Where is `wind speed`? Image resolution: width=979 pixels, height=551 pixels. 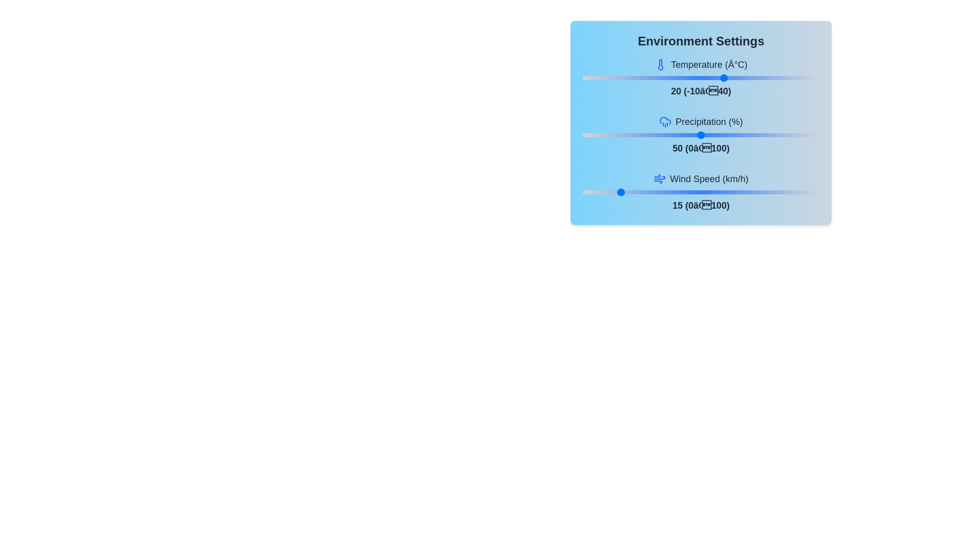 wind speed is located at coordinates (779, 192).